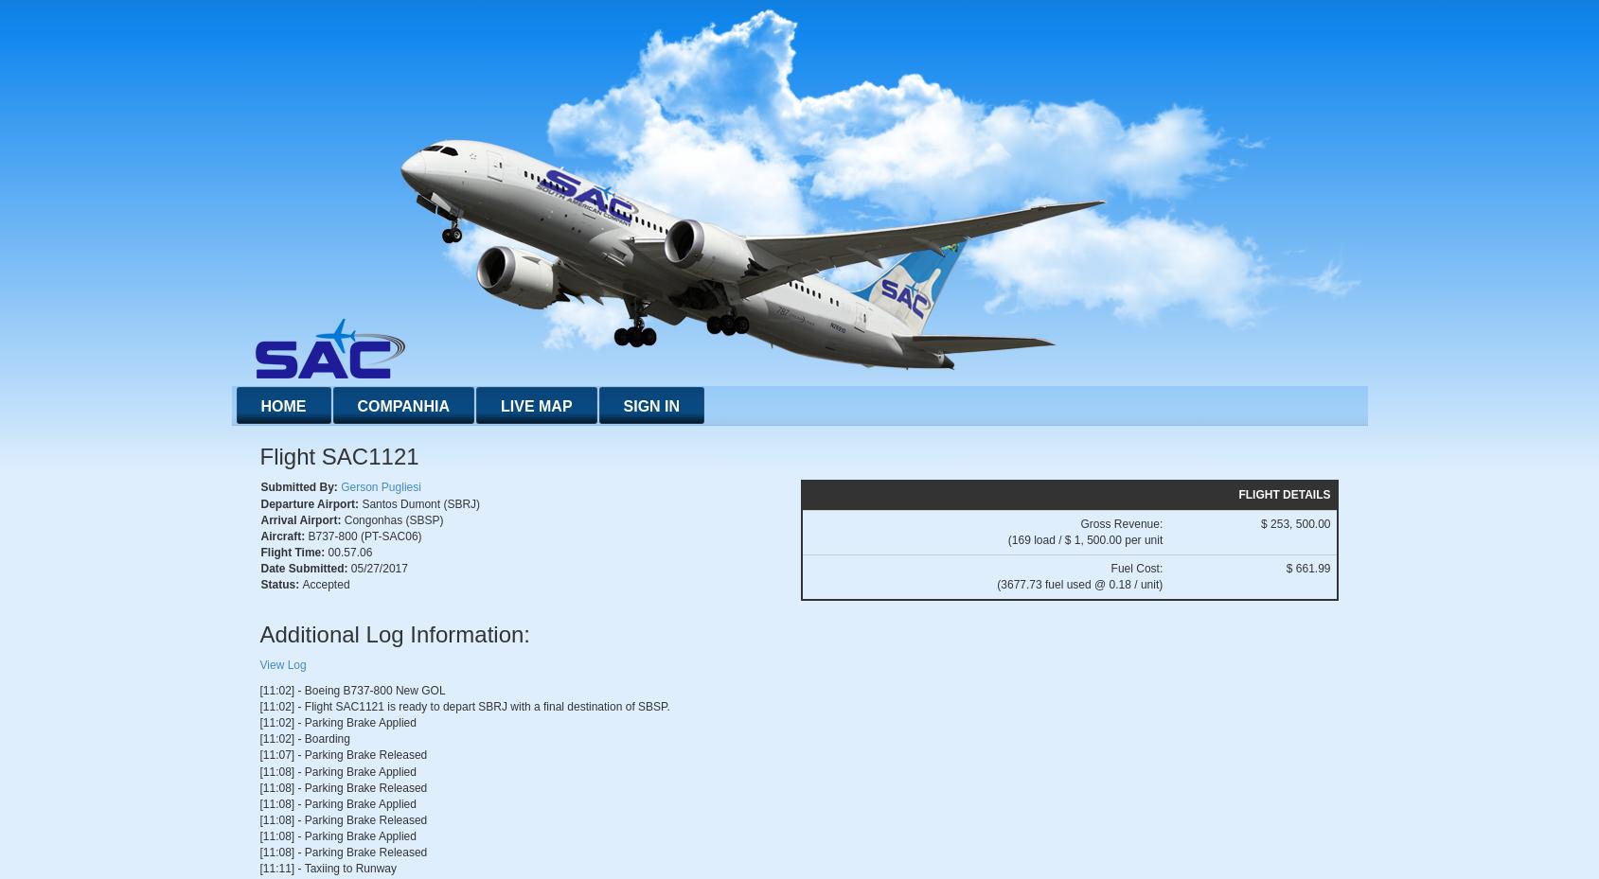 The image size is (1599, 879). What do you see at coordinates (1120, 523) in the screenshot?
I see `'Gross Revenue:'` at bounding box center [1120, 523].